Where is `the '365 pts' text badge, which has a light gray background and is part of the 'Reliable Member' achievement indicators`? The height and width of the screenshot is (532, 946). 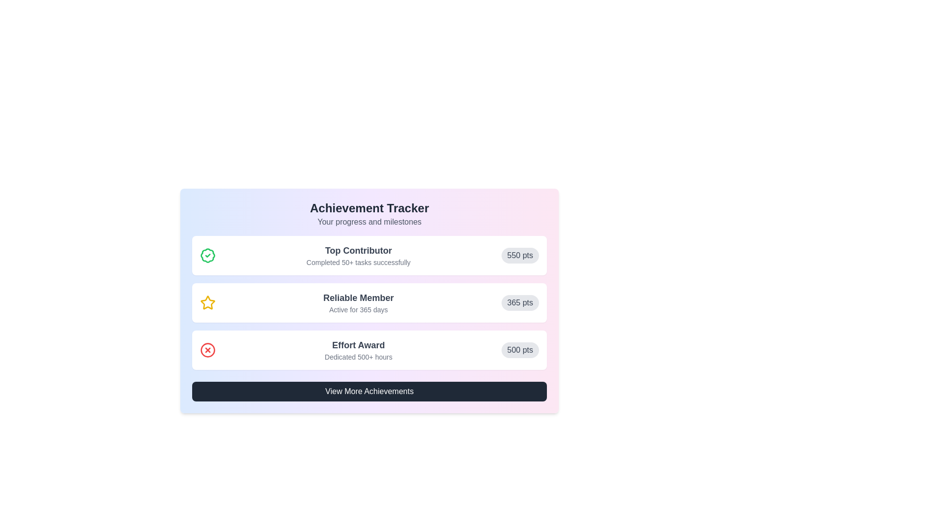 the '365 pts' text badge, which has a light gray background and is part of the 'Reliable Member' achievement indicators is located at coordinates (519, 302).